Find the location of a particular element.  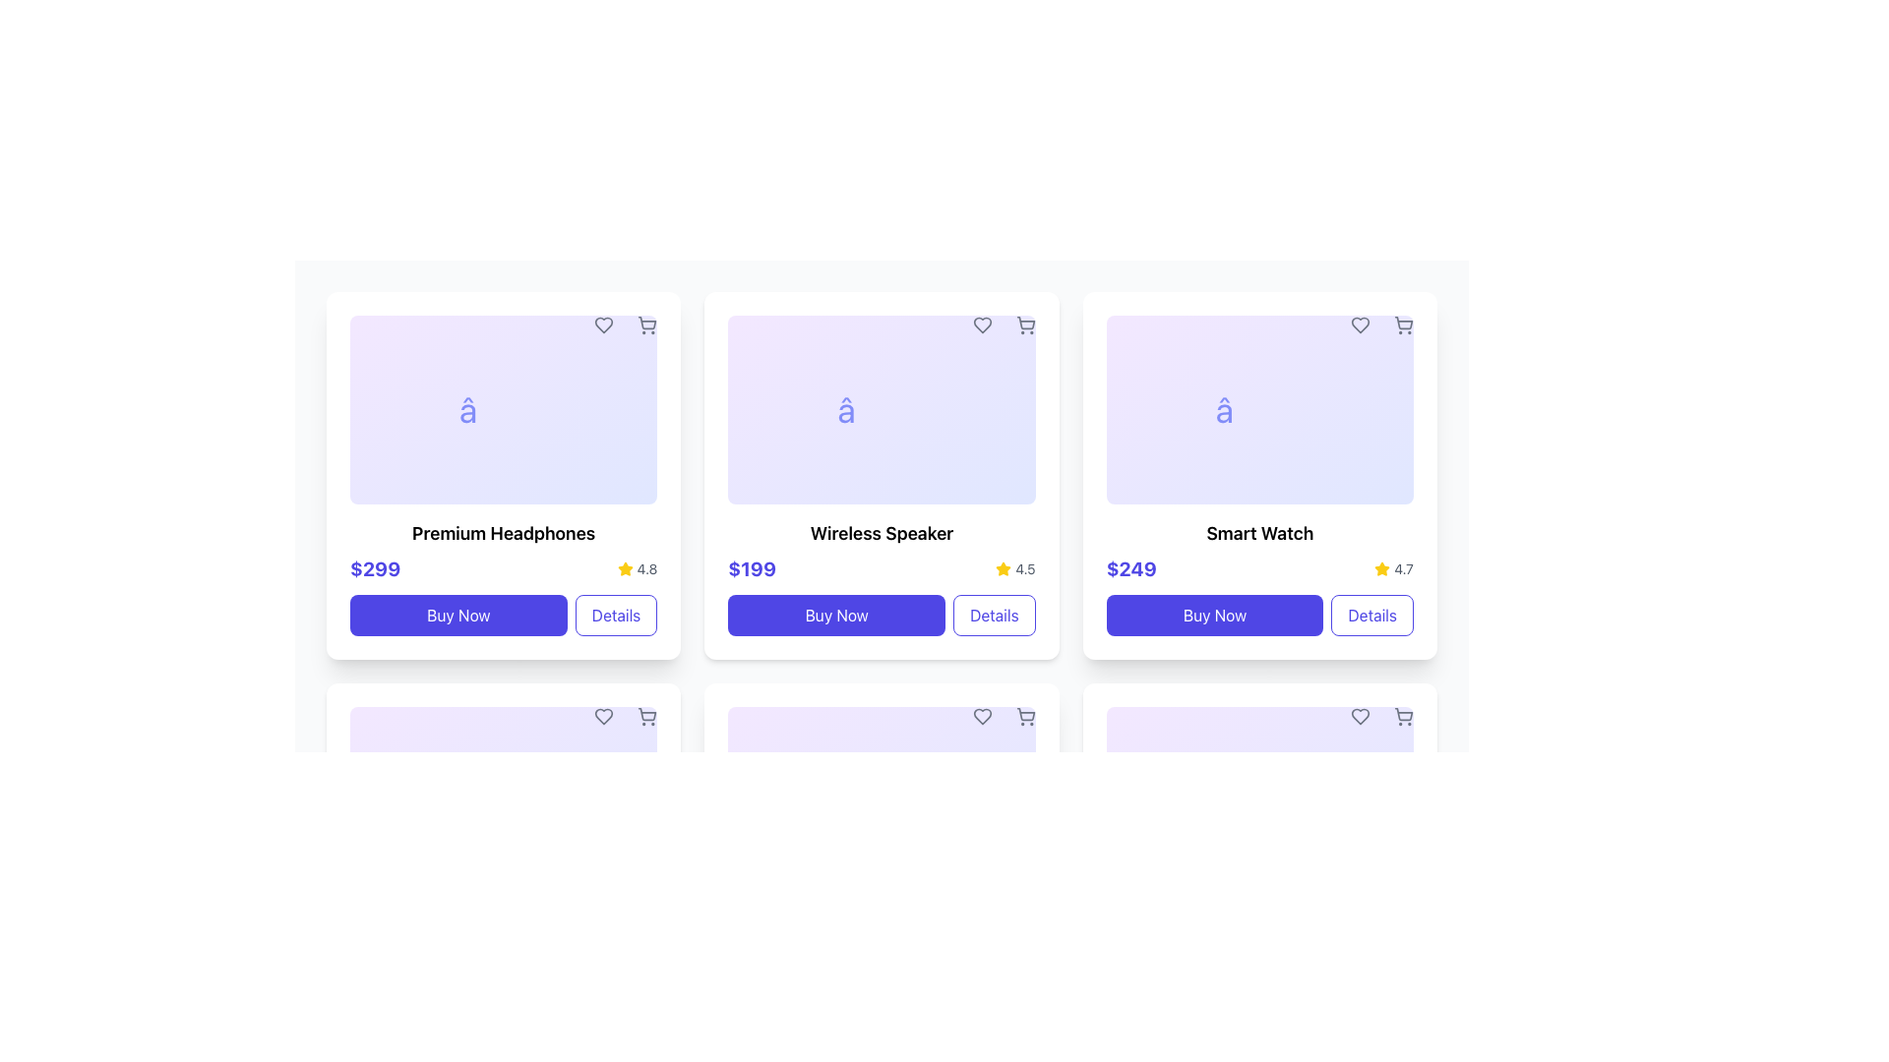

the shopping cart button, which is the second button in a horizontal arrangement of two buttons located in the top right corner overlay of the card is located at coordinates (647, 717).